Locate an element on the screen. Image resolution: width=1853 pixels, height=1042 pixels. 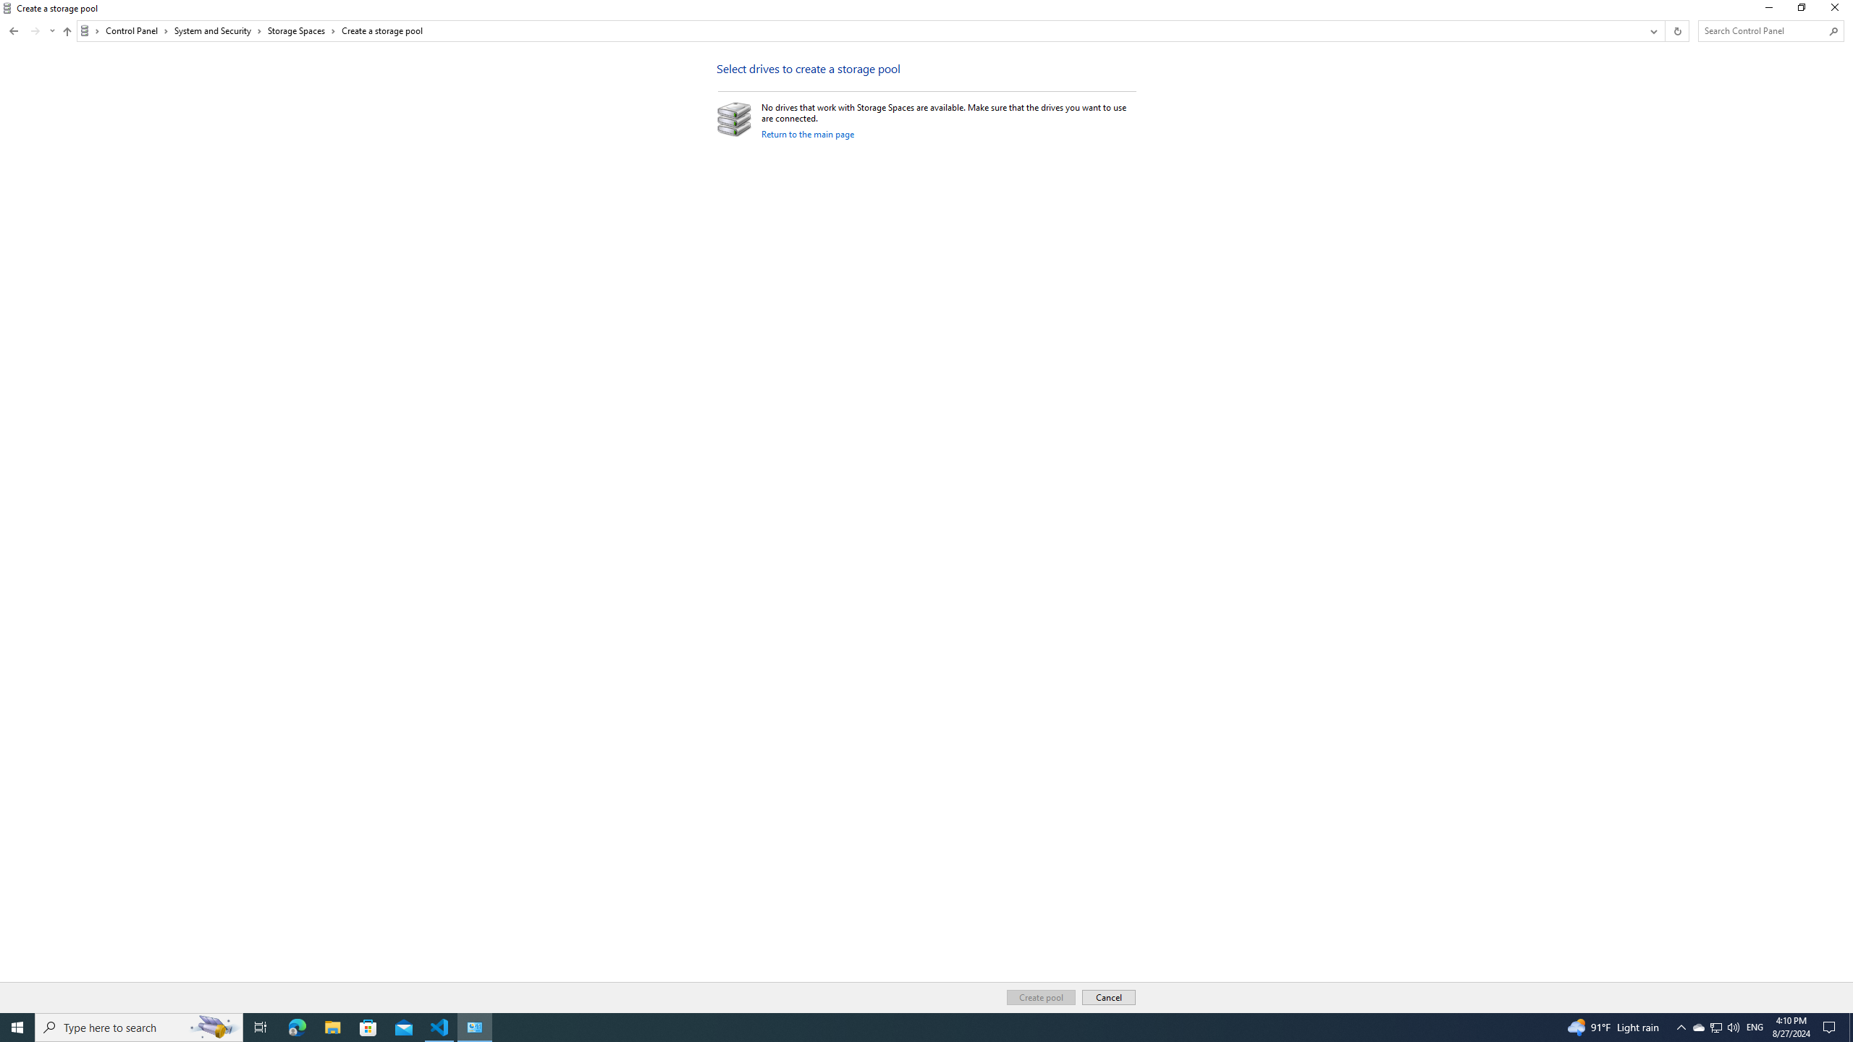
'Recent locations' is located at coordinates (51, 30).